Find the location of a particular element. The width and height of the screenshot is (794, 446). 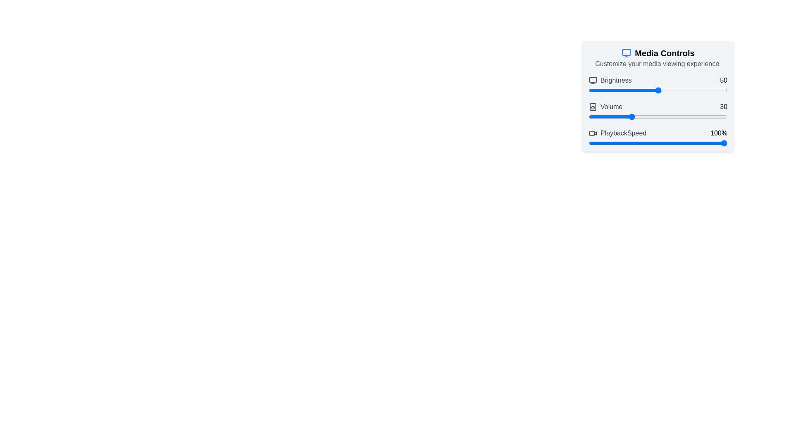

the Playback Speed slider to 3% is located at coordinates (593, 143).